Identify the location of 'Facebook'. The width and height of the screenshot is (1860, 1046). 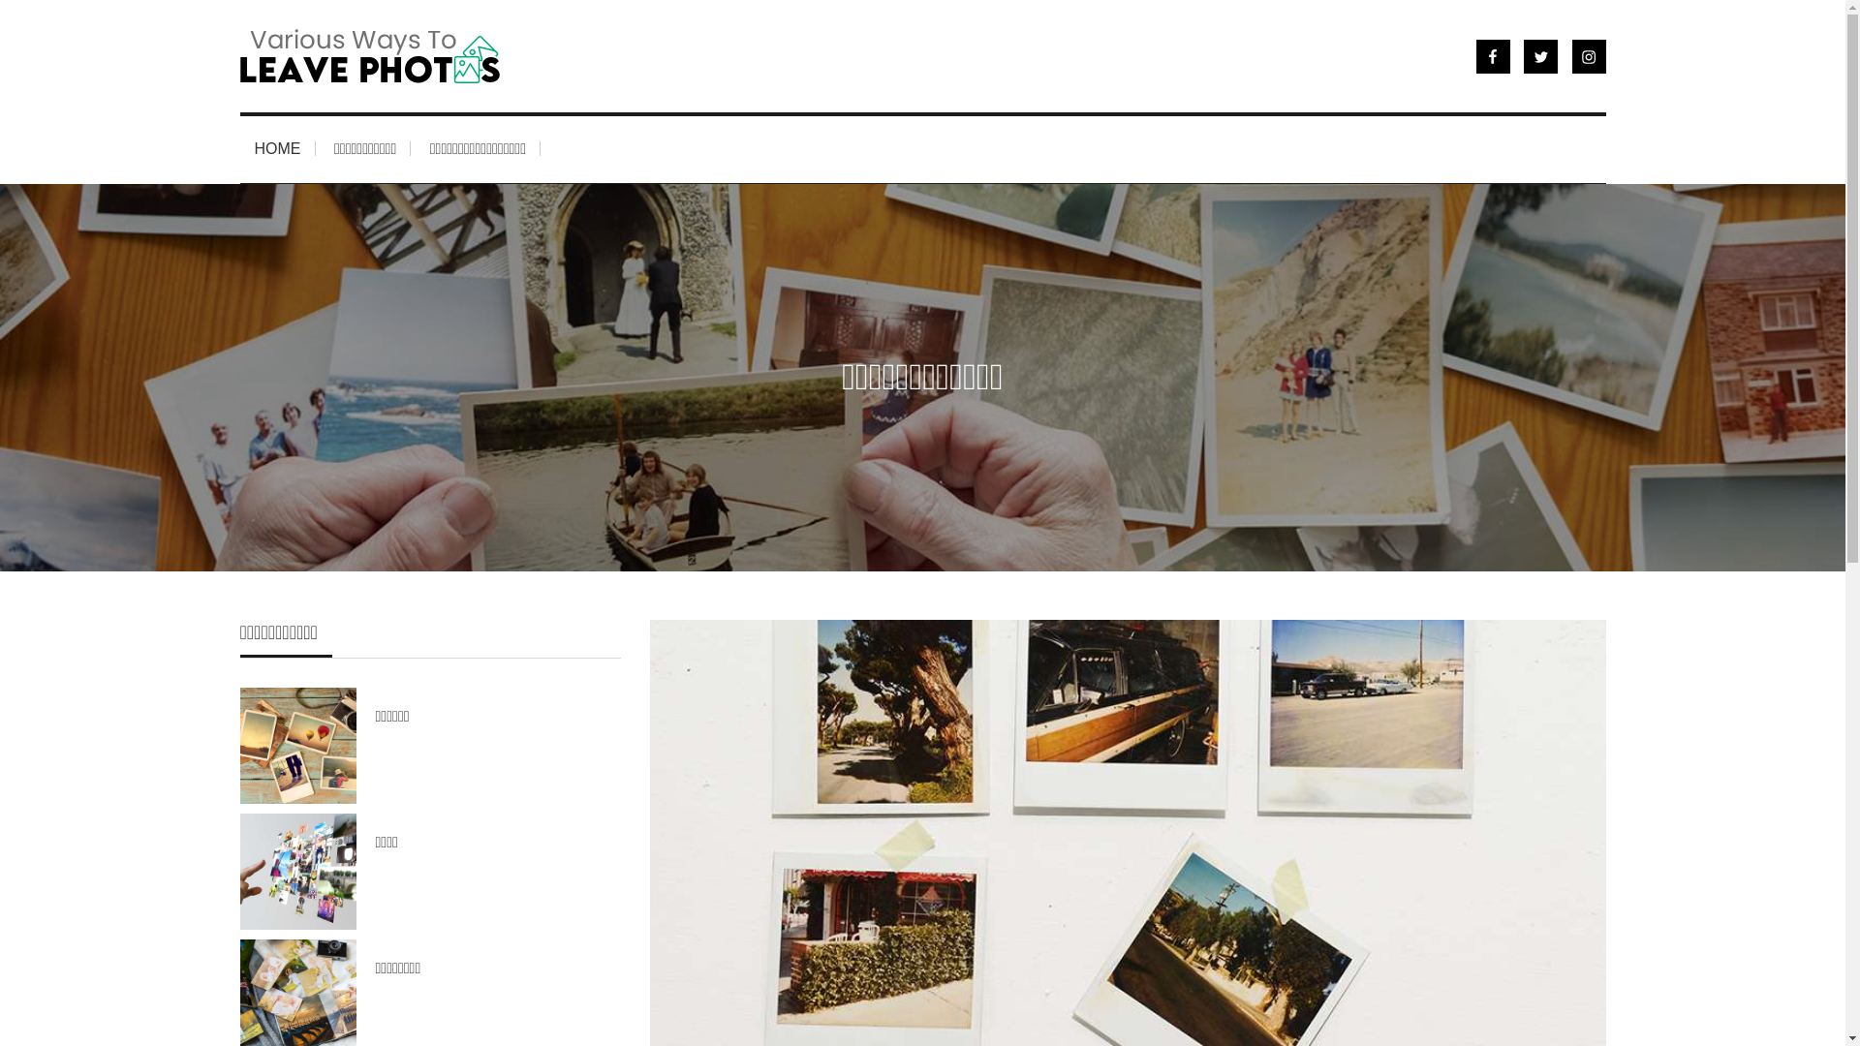
(1492, 54).